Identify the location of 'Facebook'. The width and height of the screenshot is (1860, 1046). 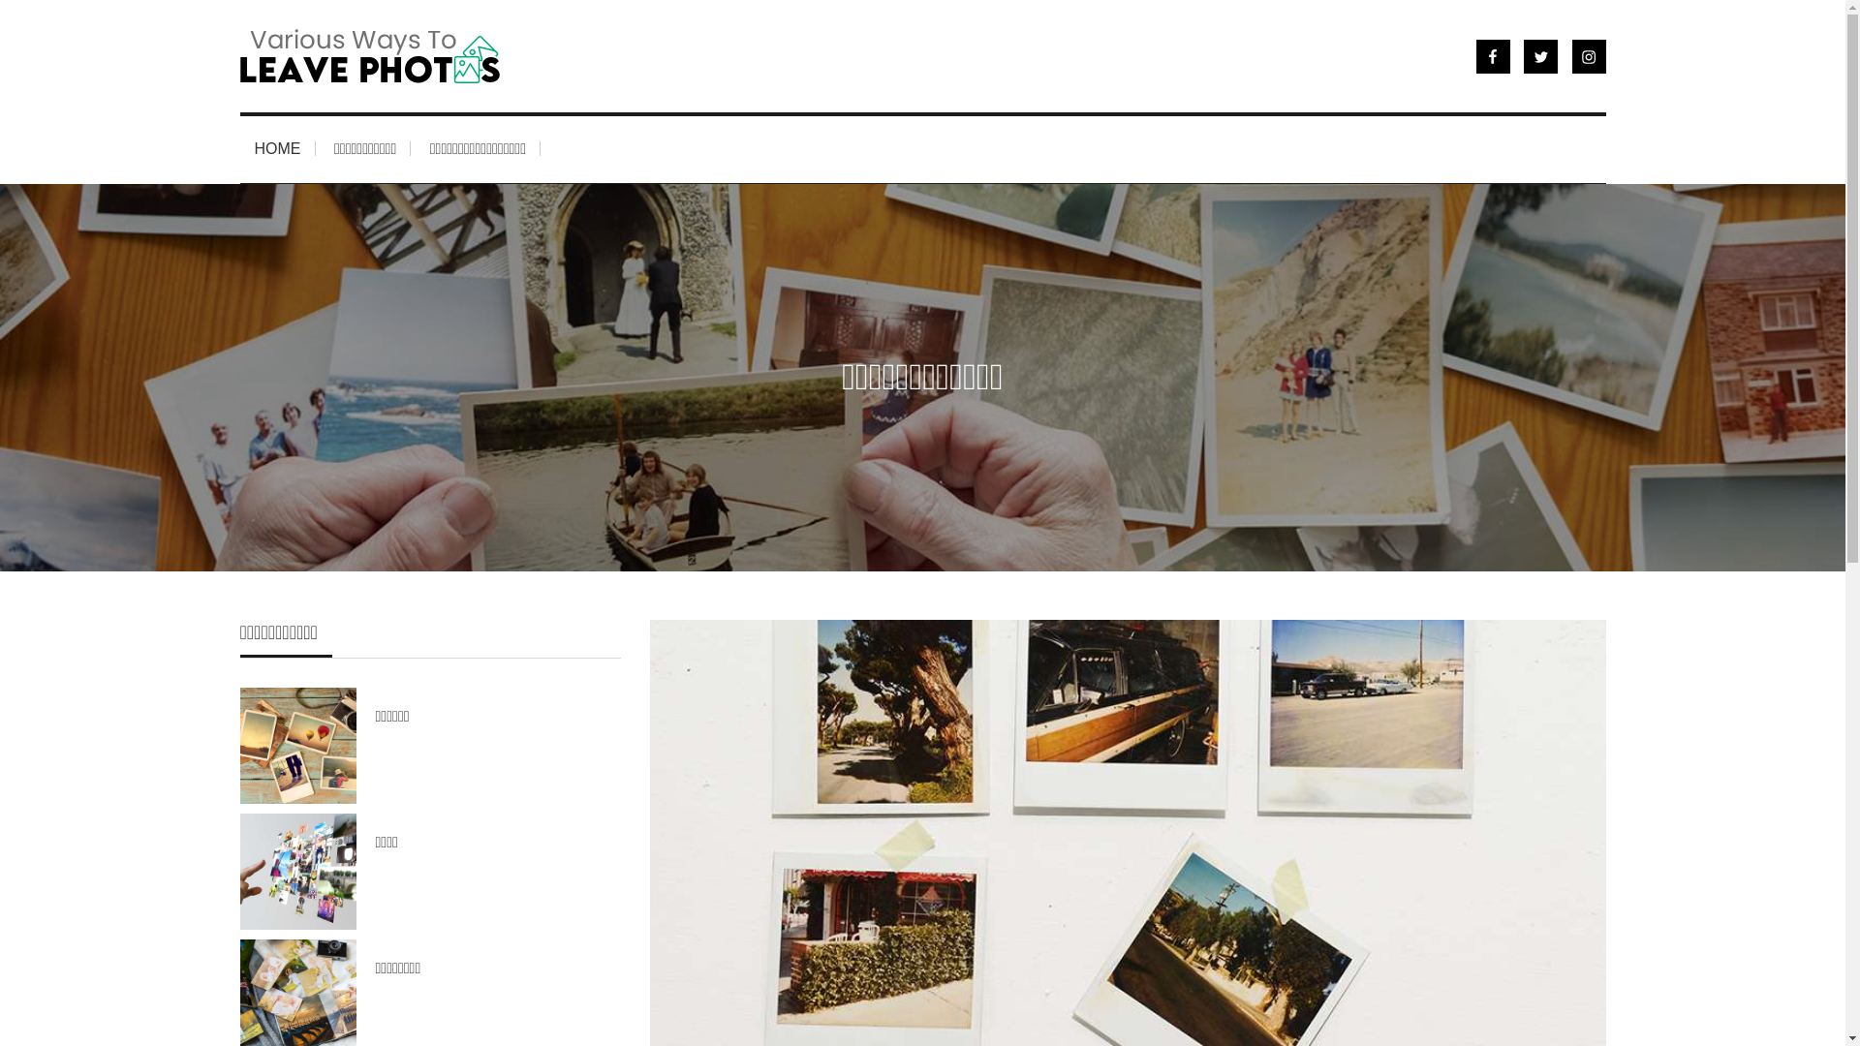
(1492, 54).